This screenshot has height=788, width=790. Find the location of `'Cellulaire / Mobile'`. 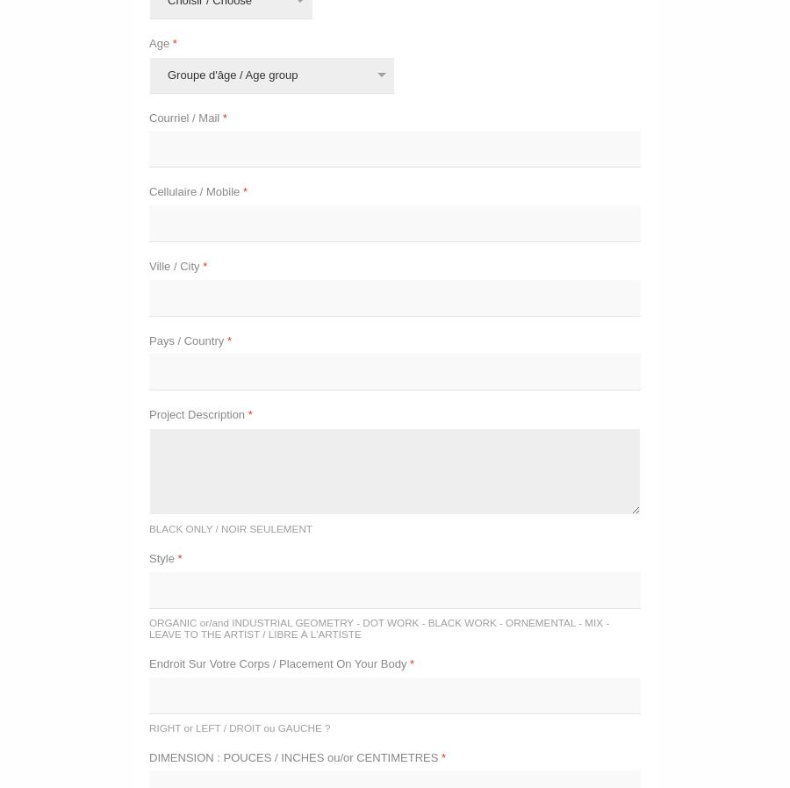

'Cellulaire / Mobile' is located at coordinates (196, 190).